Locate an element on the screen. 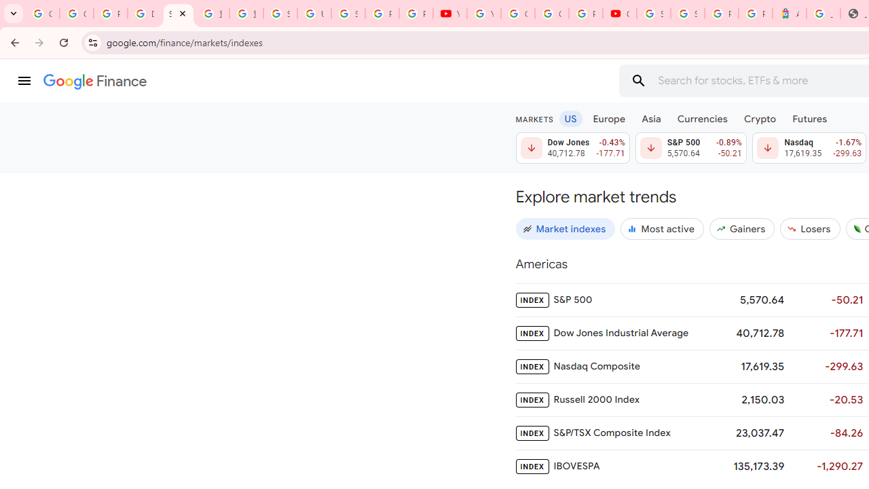  'Futures' is located at coordinates (809, 117).